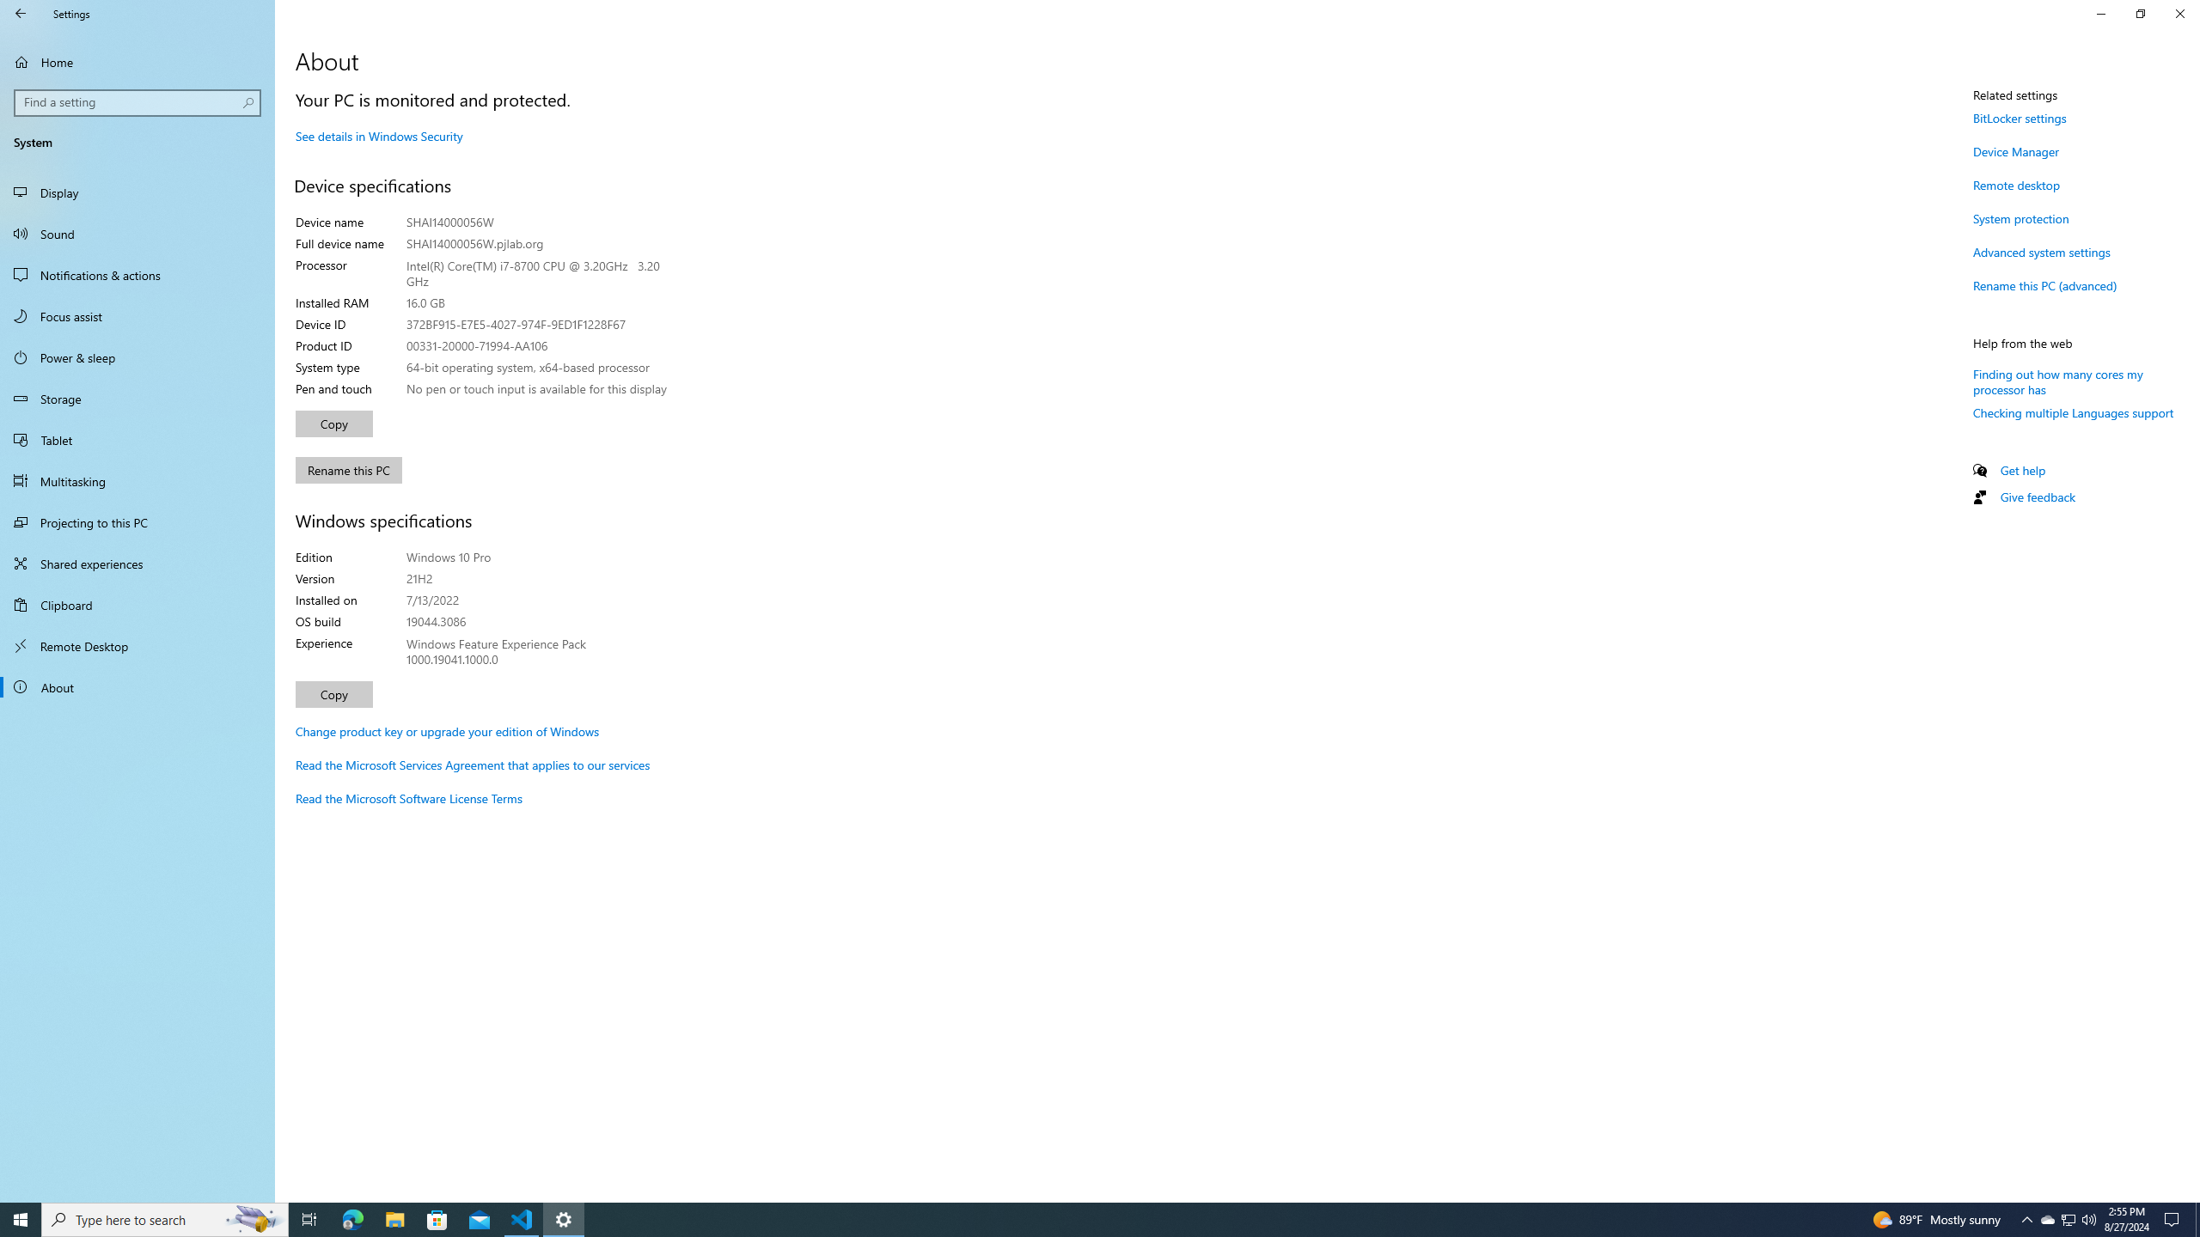 This screenshot has height=1237, width=2200. I want to click on 'Change product key or upgrade your edition of Windows', so click(446, 730).